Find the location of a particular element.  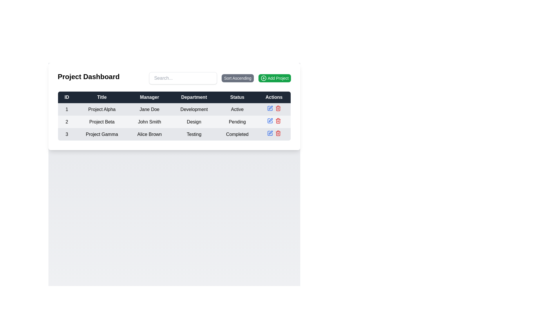

the text label displaying 'Alice Brown' in the third column of the 'Project Gamma' row within the tabular structure is located at coordinates (149, 134).